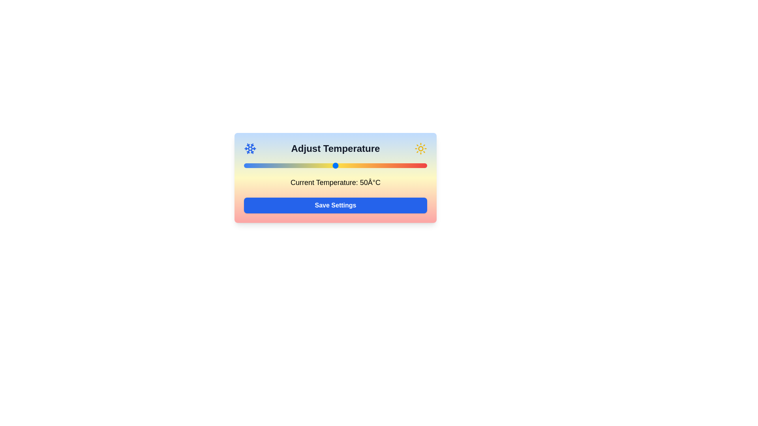 The image size is (758, 426). I want to click on the temperature to 18°C by moving the slider, so click(277, 165).